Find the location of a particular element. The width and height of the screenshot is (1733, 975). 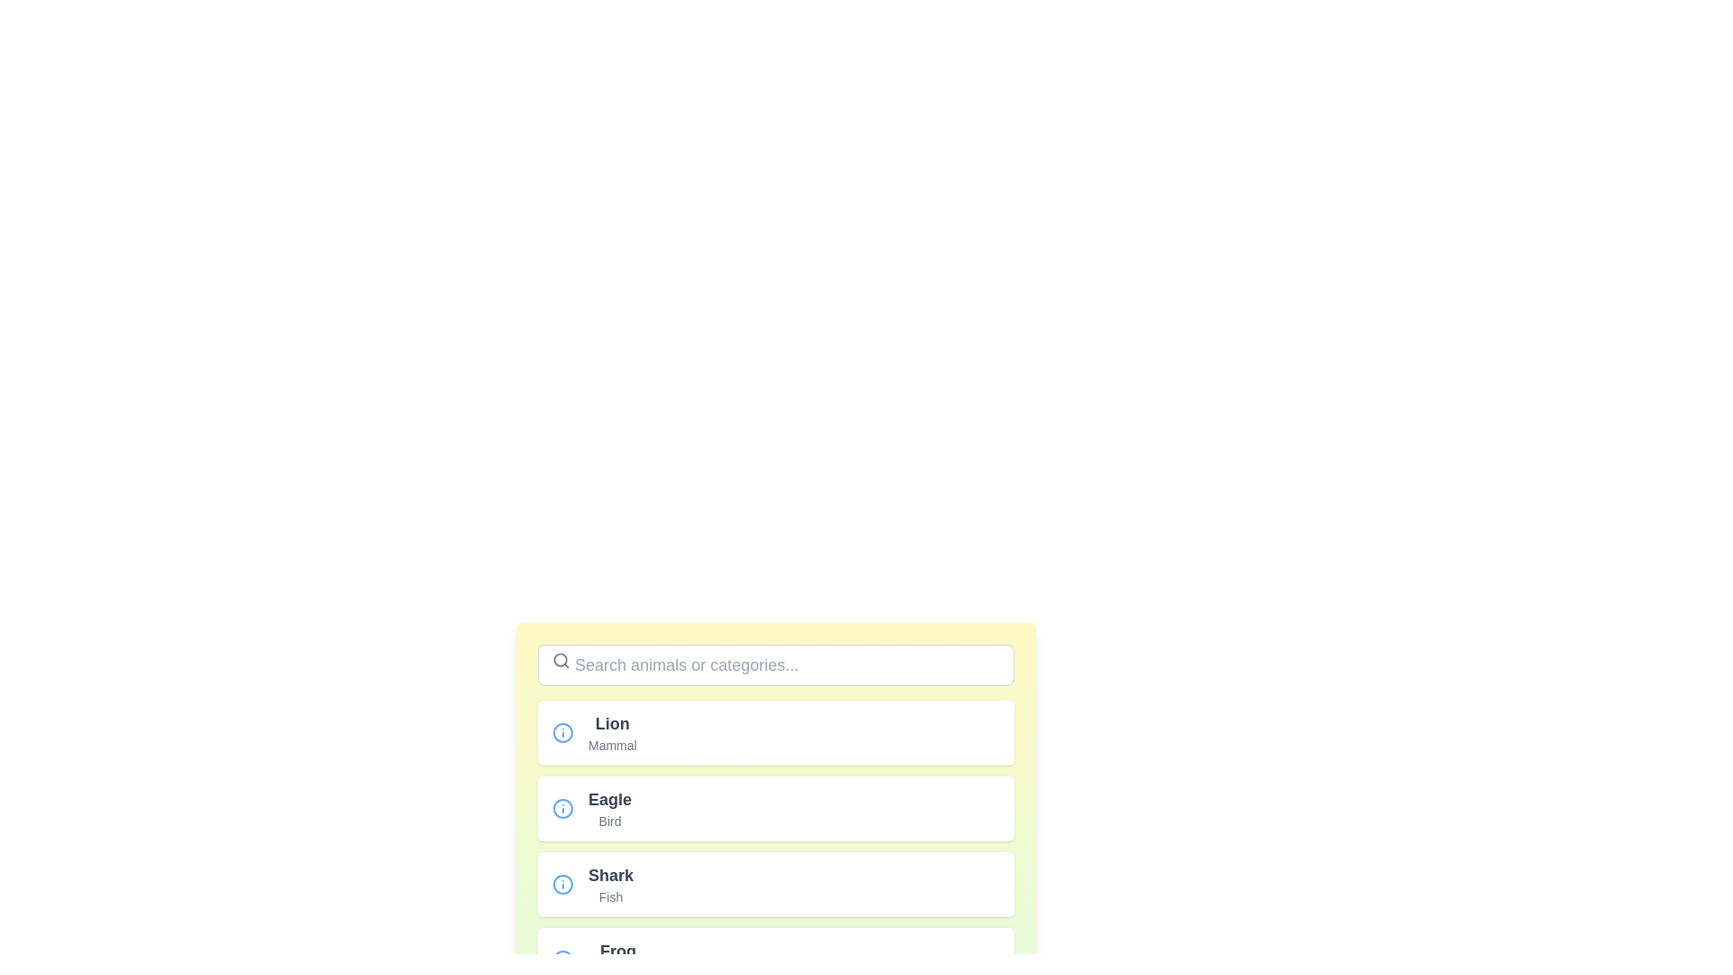

text label 'Shark' which is a large, bold, dark gray heading positioned above the subheader 'Fish' in a categorized list is located at coordinates (610, 874).